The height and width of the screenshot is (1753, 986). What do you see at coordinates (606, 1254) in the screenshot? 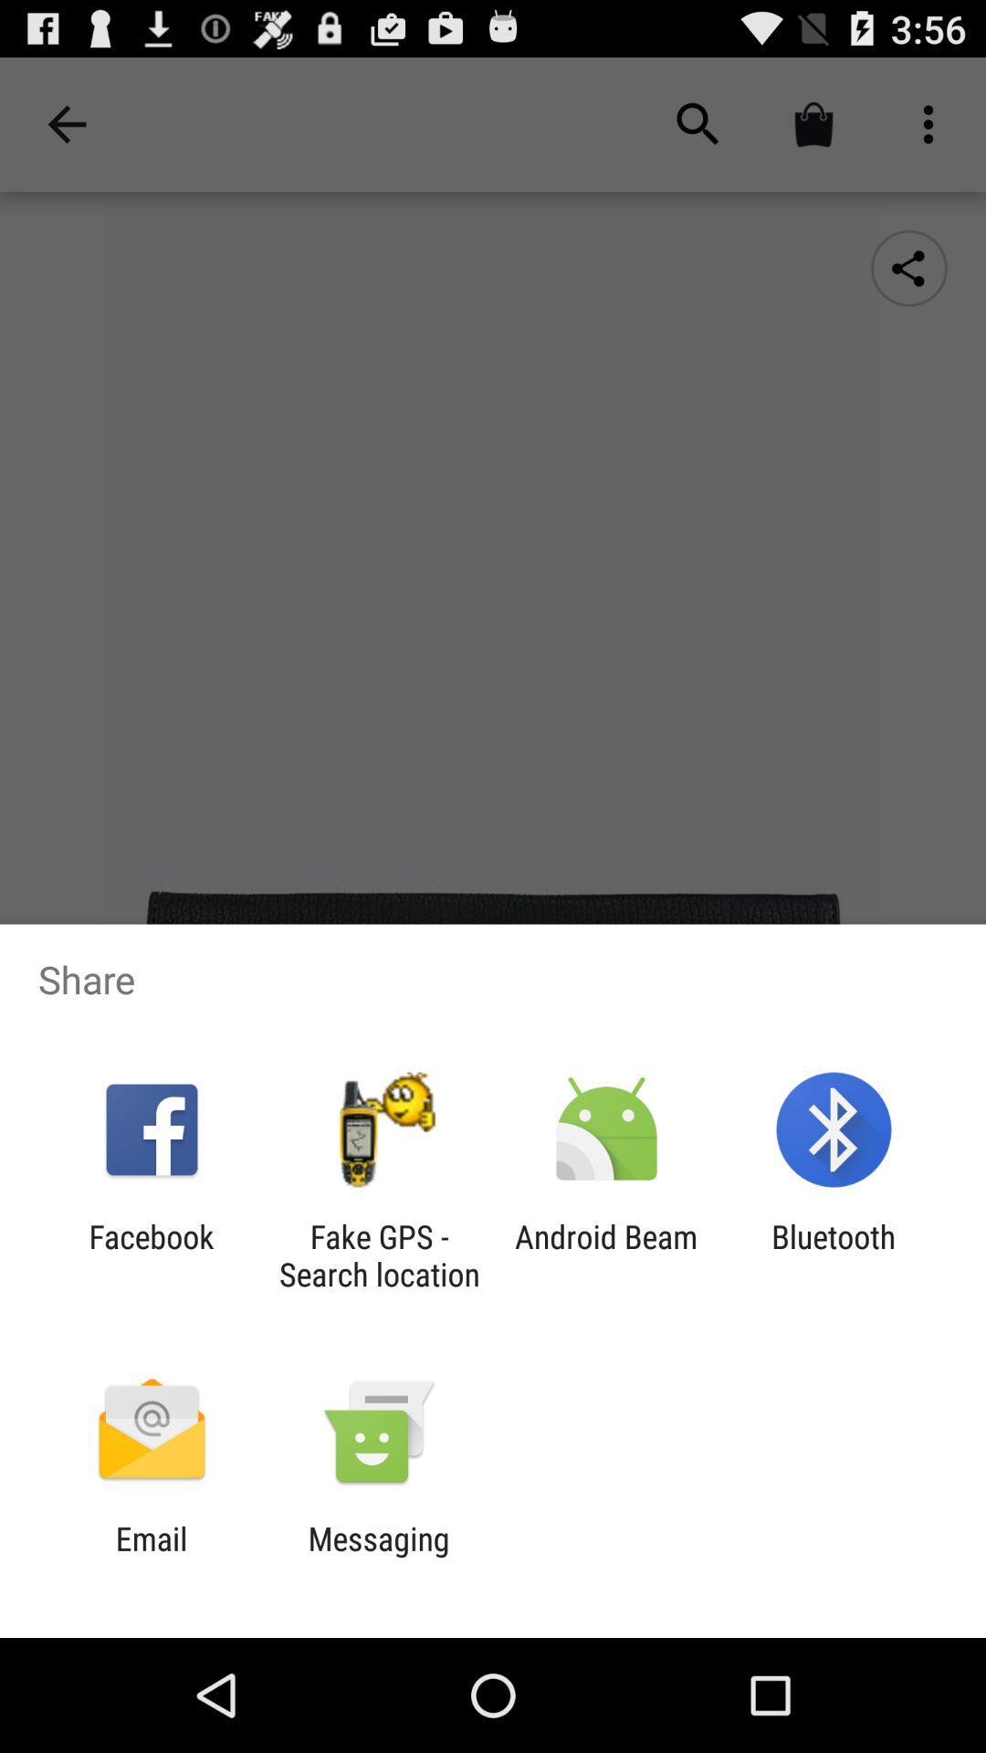
I see `the item next to the fake gps search app` at bounding box center [606, 1254].